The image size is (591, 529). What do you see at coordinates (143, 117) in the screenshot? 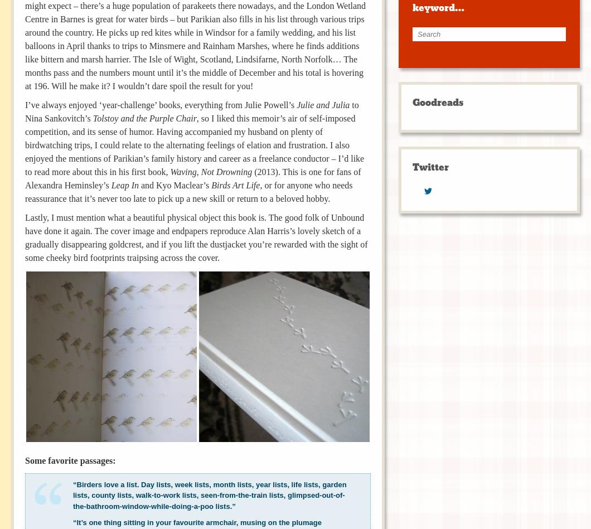
I see `'Tolstoy and the Purple Chair'` at bounding box center [143, 117].